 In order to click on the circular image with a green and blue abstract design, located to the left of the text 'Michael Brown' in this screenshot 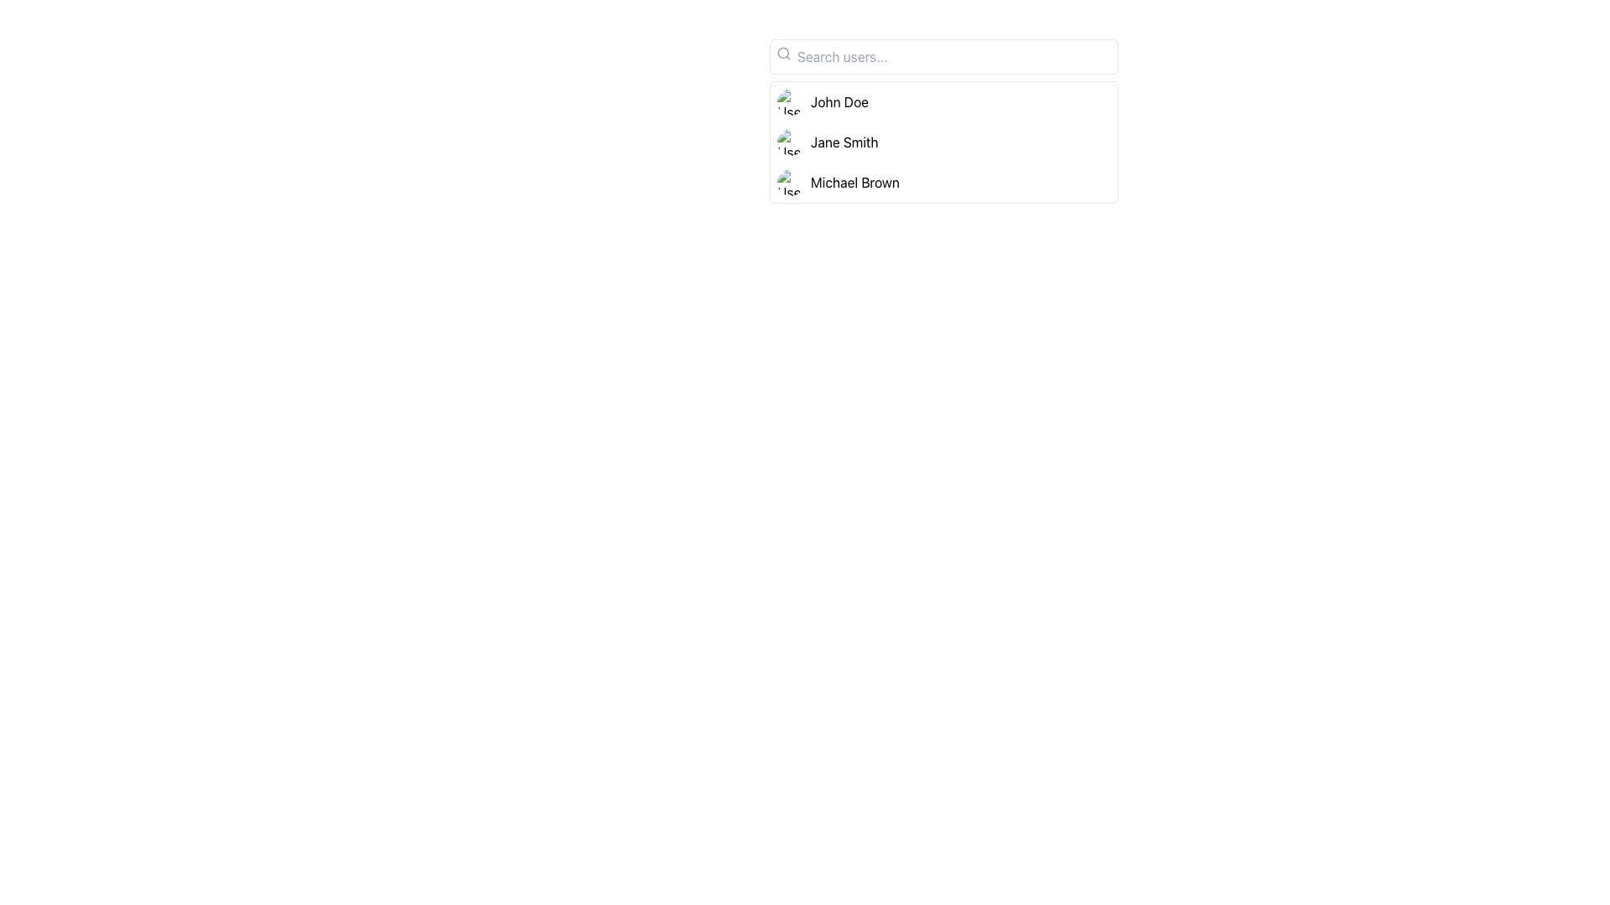, I will do `click(789, 183)`.